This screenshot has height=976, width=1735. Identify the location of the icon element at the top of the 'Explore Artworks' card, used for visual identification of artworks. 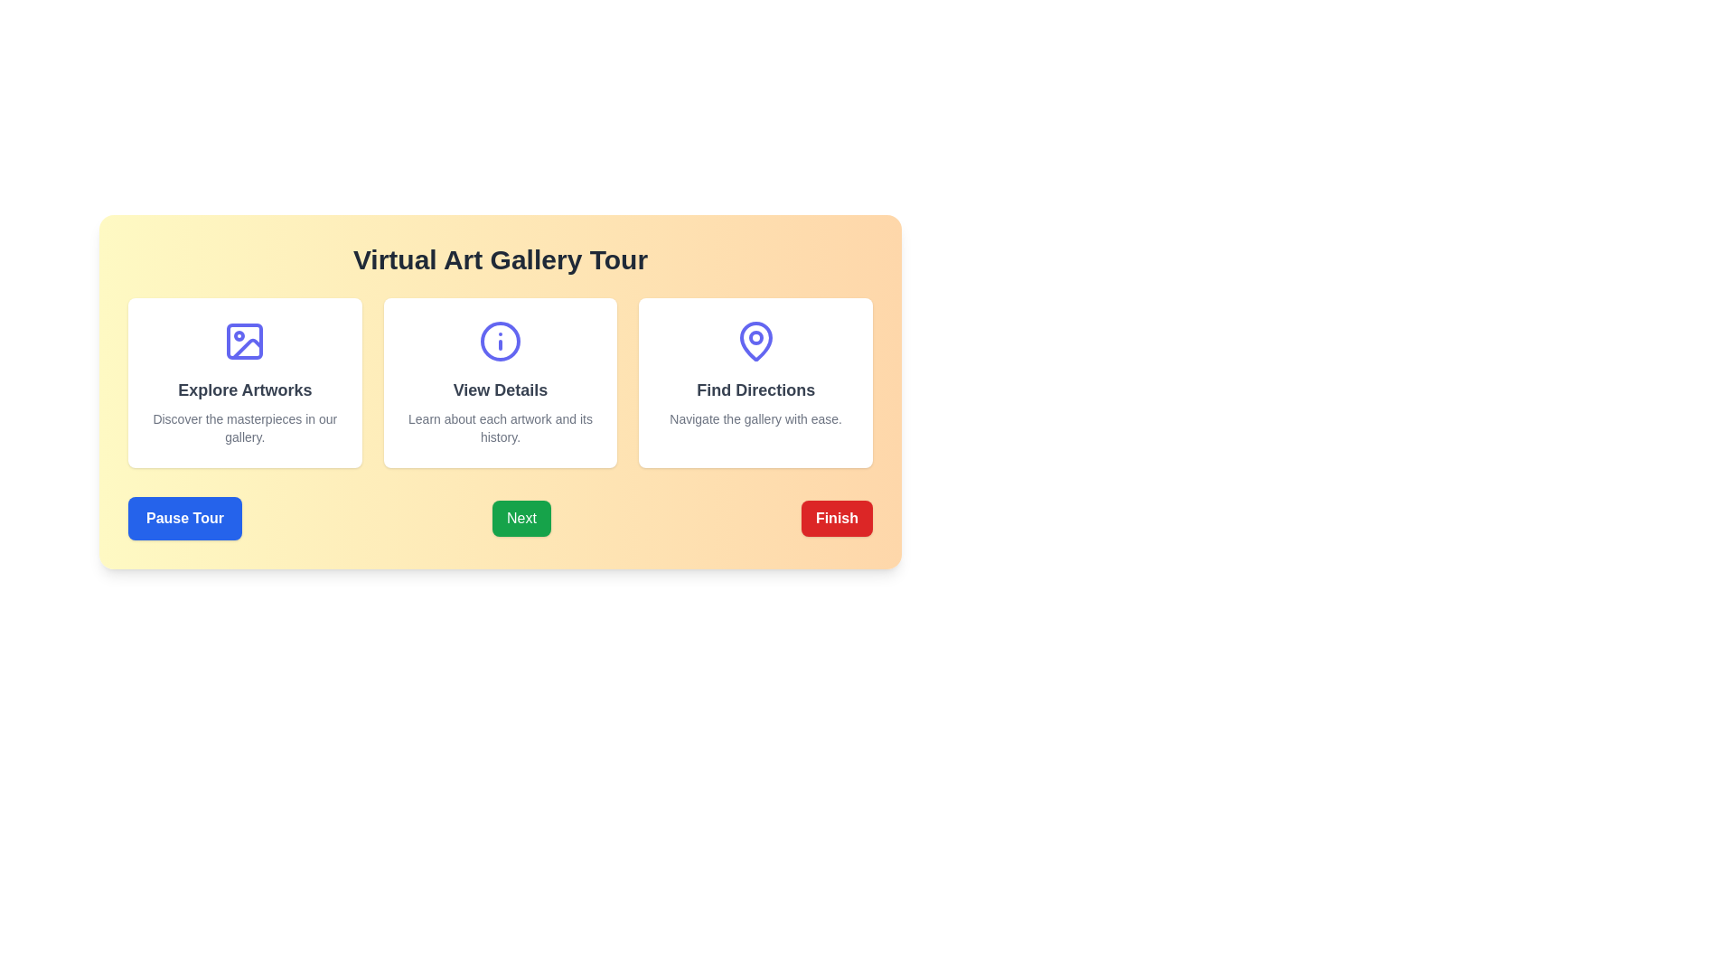
(247, 349).